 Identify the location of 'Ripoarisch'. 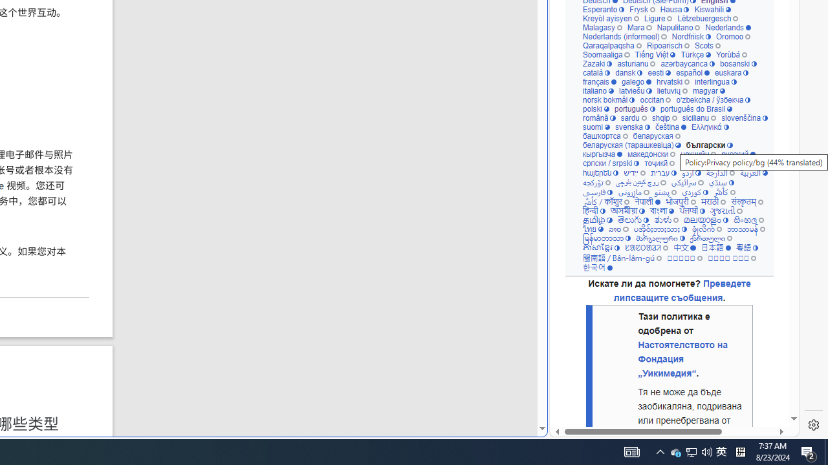
(668, 45).